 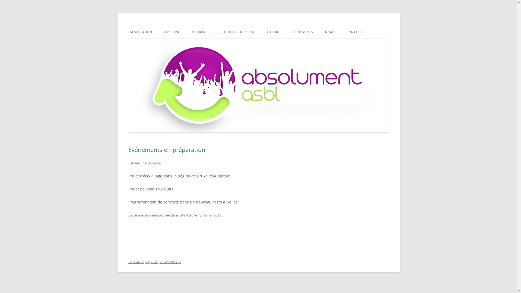 I want to click on 'EVENEMENTS', so click(x=302, y=32).